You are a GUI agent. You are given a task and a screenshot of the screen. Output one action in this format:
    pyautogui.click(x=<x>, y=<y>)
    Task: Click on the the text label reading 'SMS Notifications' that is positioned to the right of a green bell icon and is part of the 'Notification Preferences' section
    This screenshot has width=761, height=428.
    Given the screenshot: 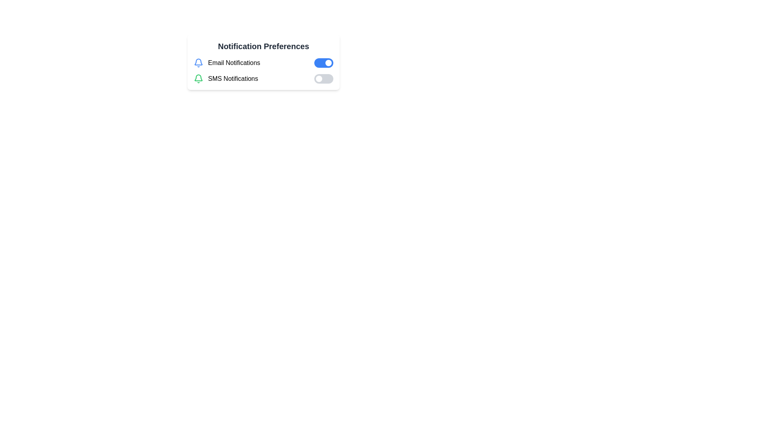 What is the action you would take?
    pyautogui.click(x=226, y=79)
    